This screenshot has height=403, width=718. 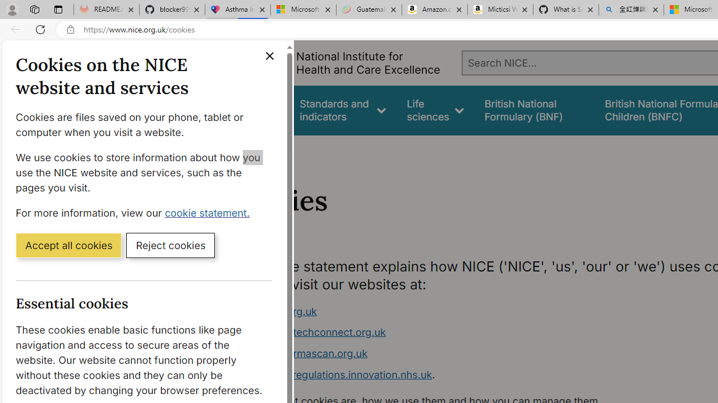 I want to click on 'Life sciences', so click(x=435, y=110).